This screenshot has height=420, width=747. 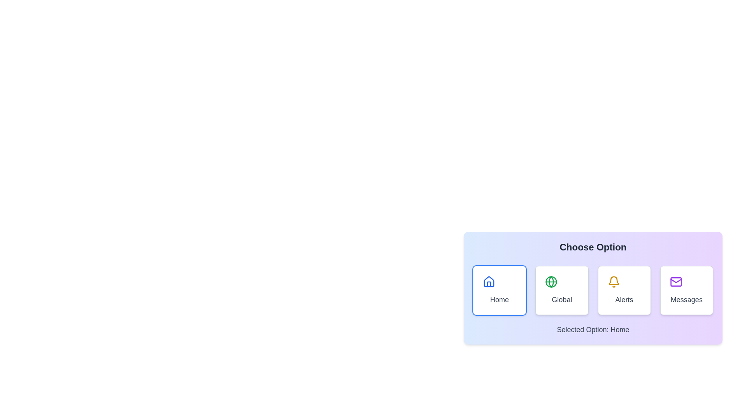 I want to click on the text label displaying 'Selected Option: Home', which is centered below the row of interactive tiles labeled 'Home', 'Global', 'Alerts', and 'Messages', so click(x=593, y=330).